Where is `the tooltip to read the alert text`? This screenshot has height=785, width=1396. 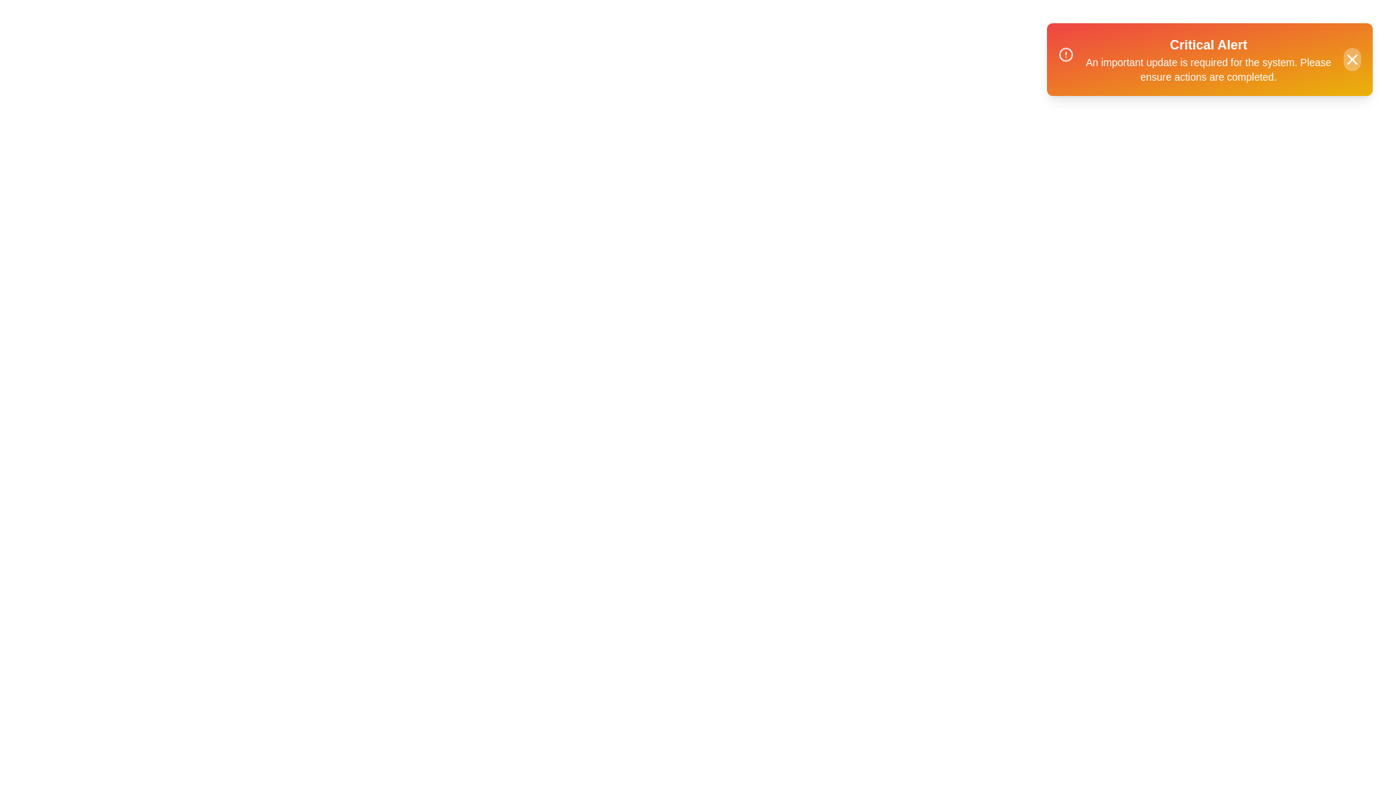 the tooltip to read the alert text is located at coordinates (1210, 58).